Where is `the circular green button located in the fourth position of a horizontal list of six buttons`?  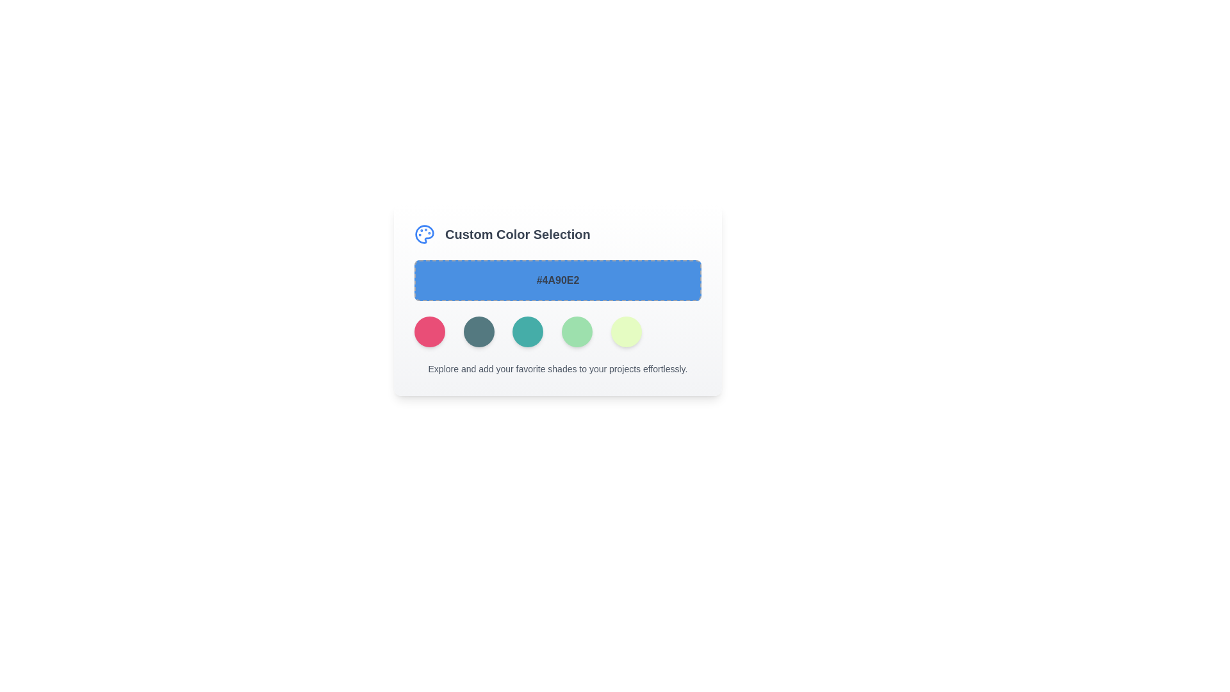 the circular green button located in the fourth position of a horizontal list of six buttons is located at coordinates (577, 331).